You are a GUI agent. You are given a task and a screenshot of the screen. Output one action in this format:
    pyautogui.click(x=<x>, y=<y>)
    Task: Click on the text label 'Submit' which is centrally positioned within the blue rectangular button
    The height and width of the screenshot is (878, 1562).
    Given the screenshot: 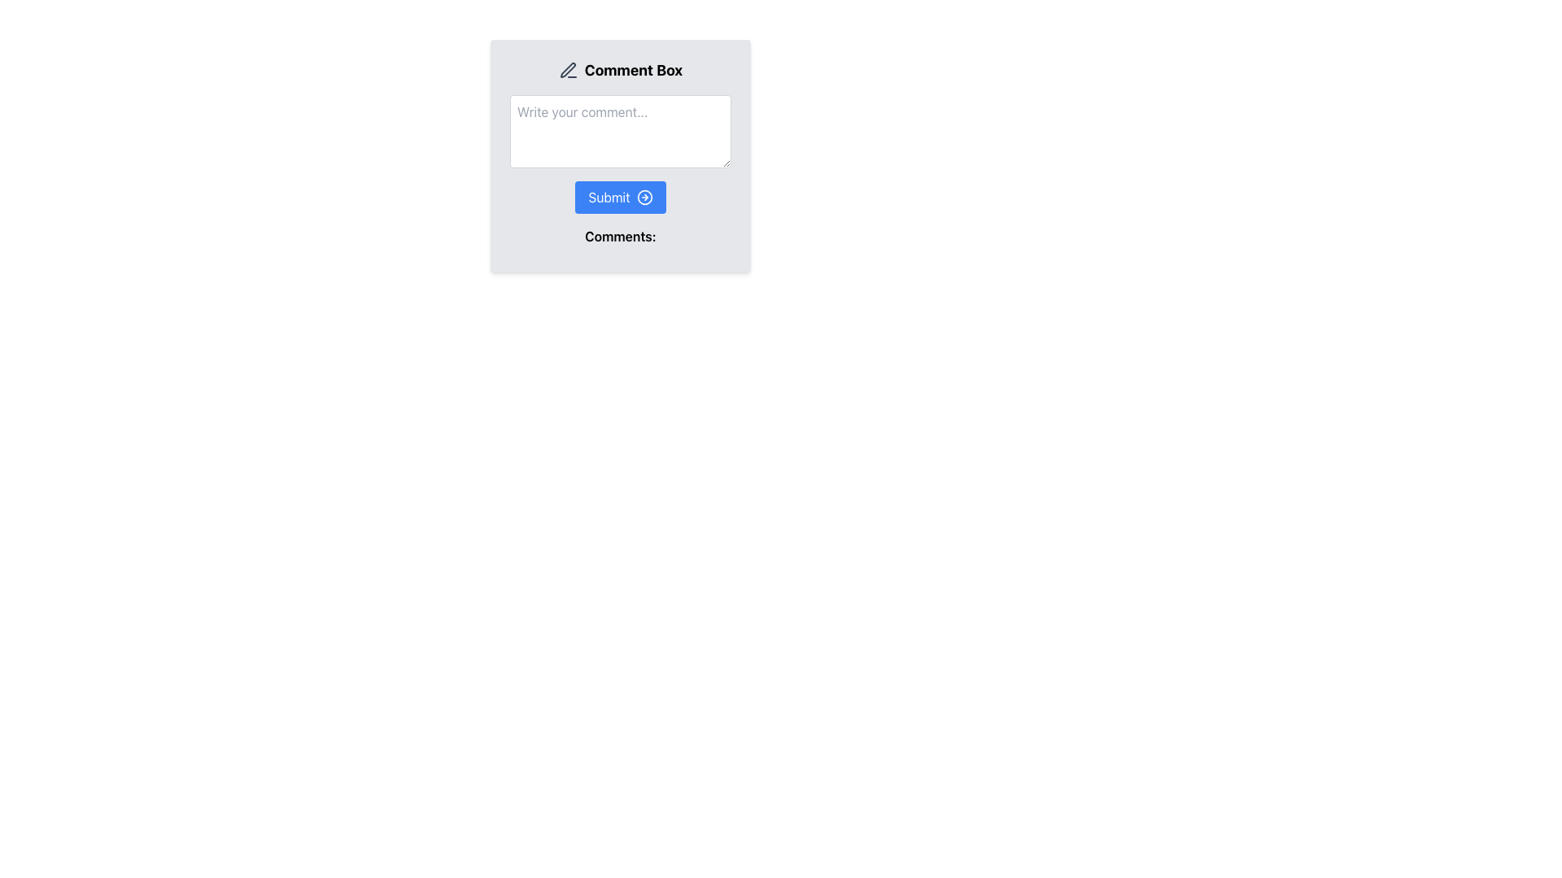 What is the action you would take?
    pyautogui.click(x=608, y=197)
    